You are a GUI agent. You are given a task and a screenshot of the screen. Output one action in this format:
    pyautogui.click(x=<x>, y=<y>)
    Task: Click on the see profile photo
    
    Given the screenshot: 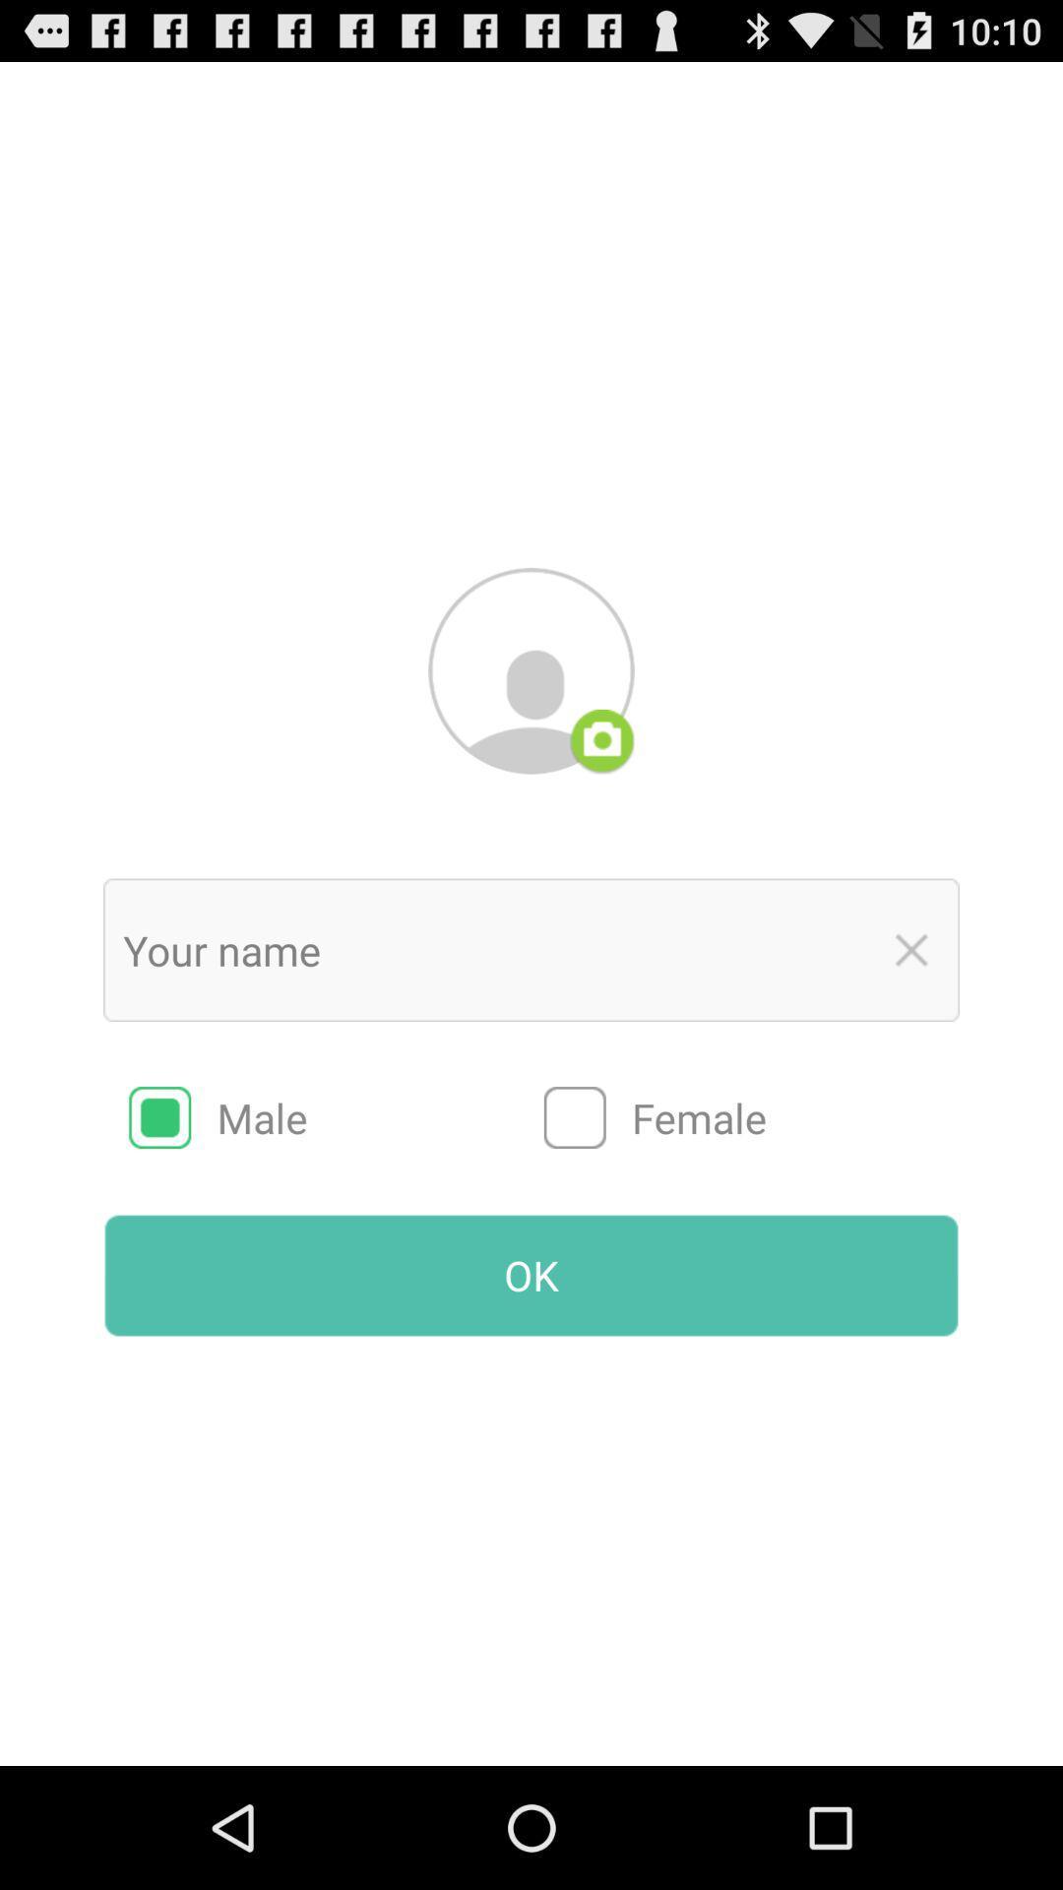 What is the action you would take?
    pyautogui.click(x=531, y=670)
    